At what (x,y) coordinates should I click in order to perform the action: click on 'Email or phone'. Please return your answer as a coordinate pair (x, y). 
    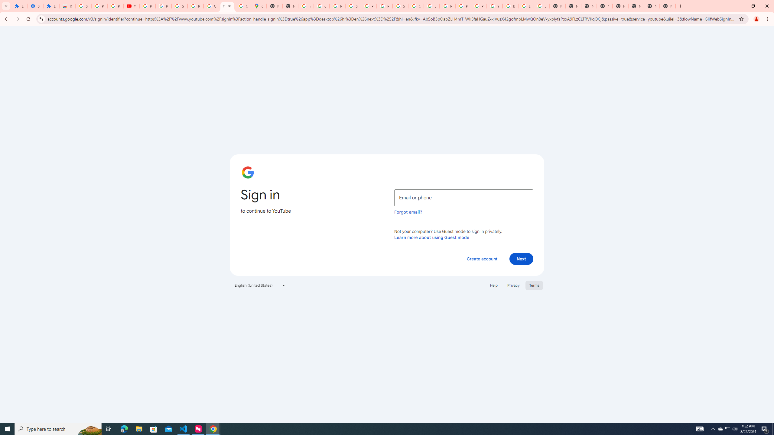
    Looking at the image, I should click on (463, 198).